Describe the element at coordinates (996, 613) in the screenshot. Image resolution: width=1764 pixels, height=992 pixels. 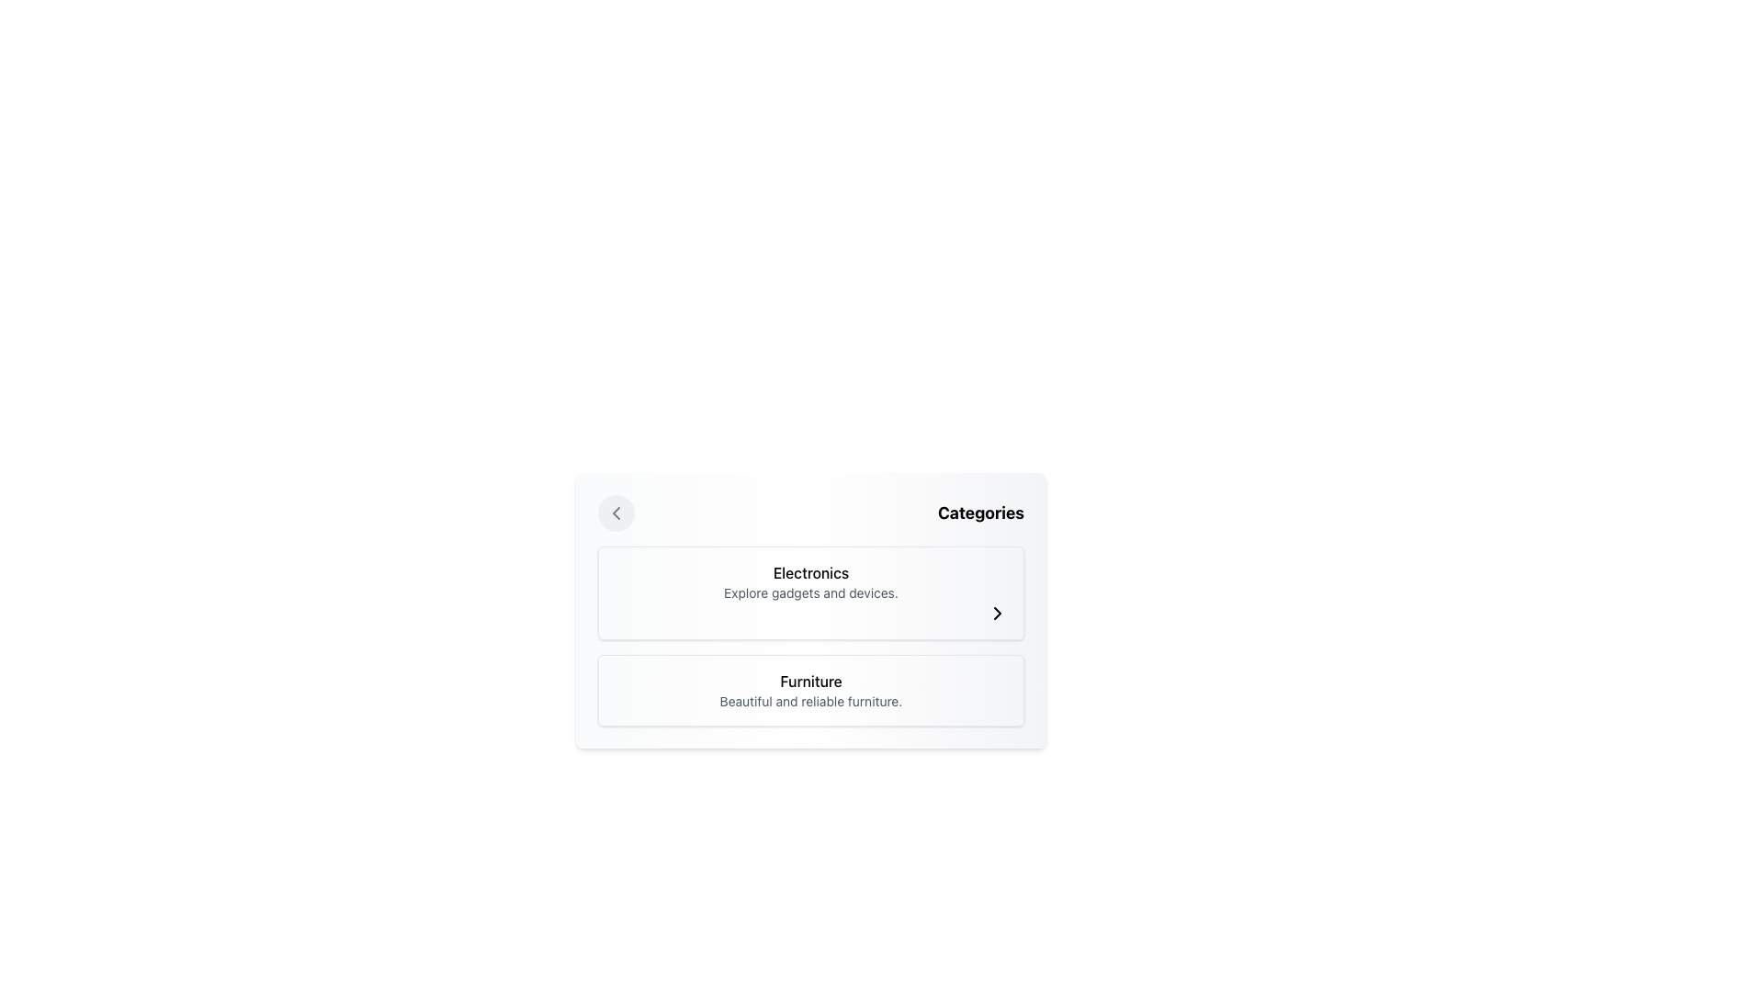
I see `the rightward-pointing chevron icon located at the far-right end of the 'Electronics' card` at that location.